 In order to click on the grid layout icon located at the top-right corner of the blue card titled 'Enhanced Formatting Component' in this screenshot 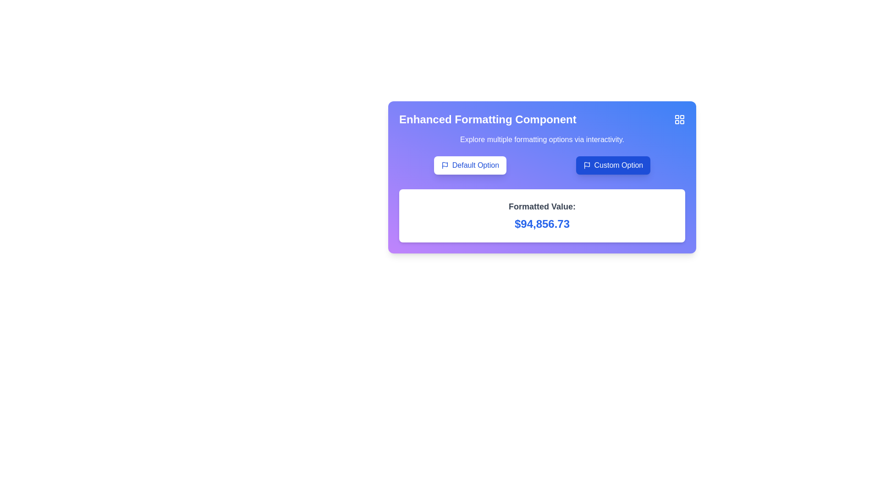, I will do `click(680, 119)`.